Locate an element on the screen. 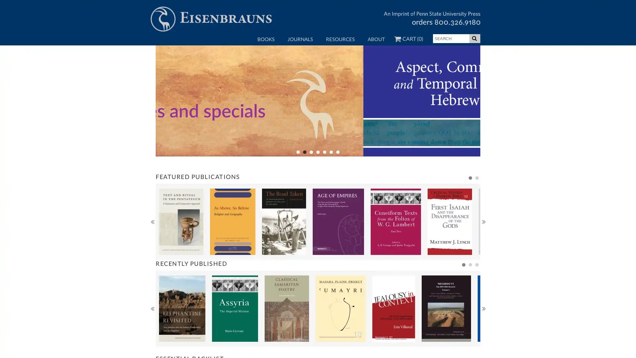  Next is located at coordinates (483, 247).